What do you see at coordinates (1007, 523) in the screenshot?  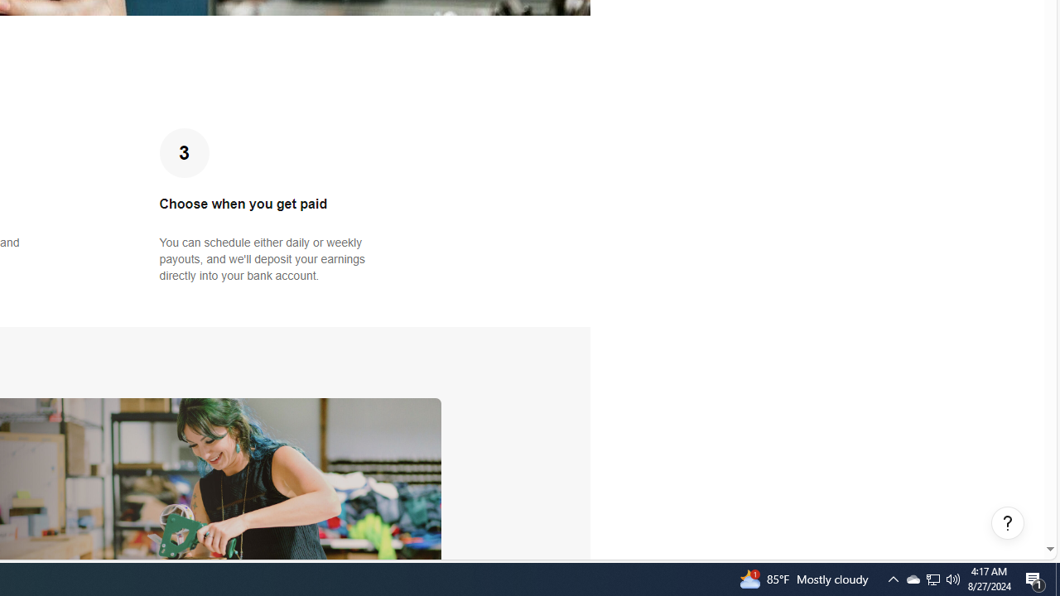 I see `'Help, opens dialogs'` at bounding box center [1007, 523].